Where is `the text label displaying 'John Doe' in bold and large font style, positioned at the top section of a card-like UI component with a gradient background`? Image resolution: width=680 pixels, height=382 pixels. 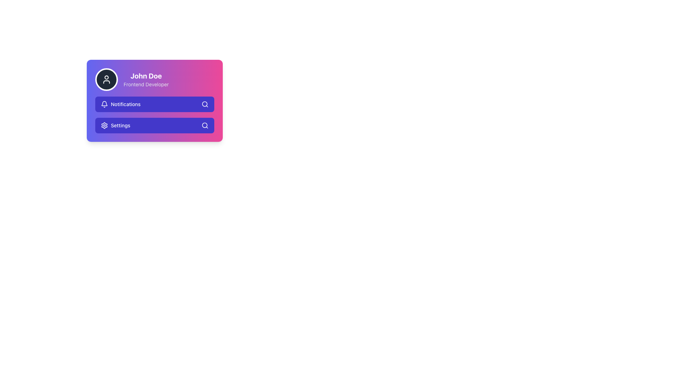 the text label displaying 'John Doe' in bold and large font style, positioned at the top section of a card-like UI component with a gradient background is located at coordinates (146, 76).